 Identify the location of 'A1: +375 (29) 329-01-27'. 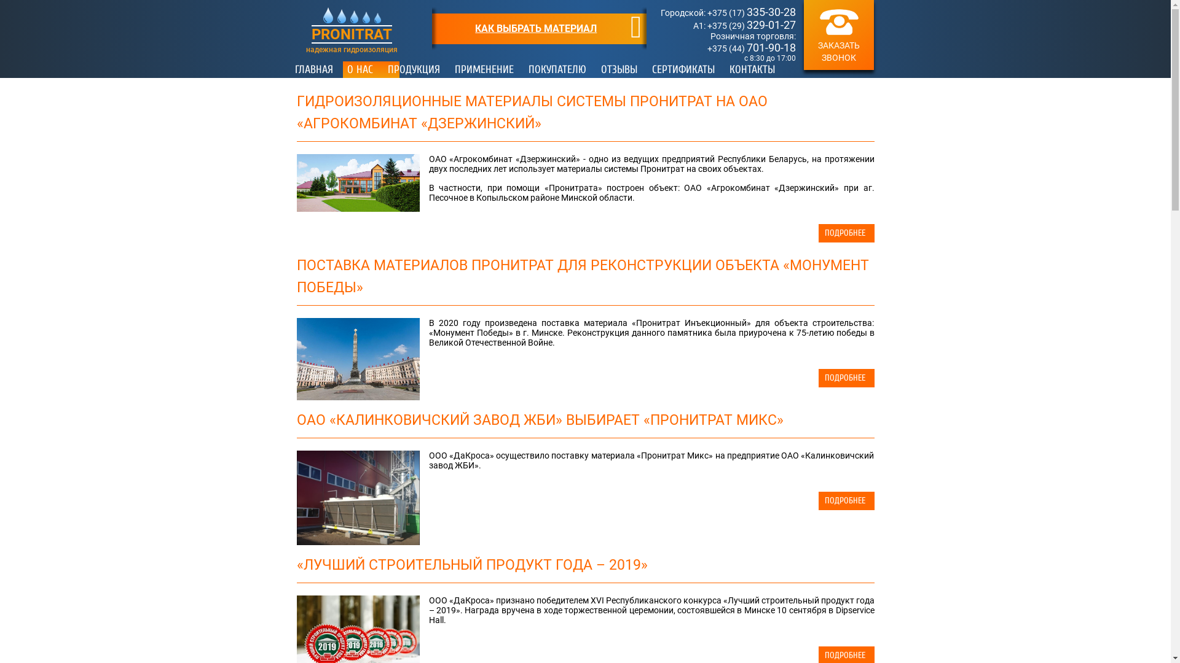
(693, 26).